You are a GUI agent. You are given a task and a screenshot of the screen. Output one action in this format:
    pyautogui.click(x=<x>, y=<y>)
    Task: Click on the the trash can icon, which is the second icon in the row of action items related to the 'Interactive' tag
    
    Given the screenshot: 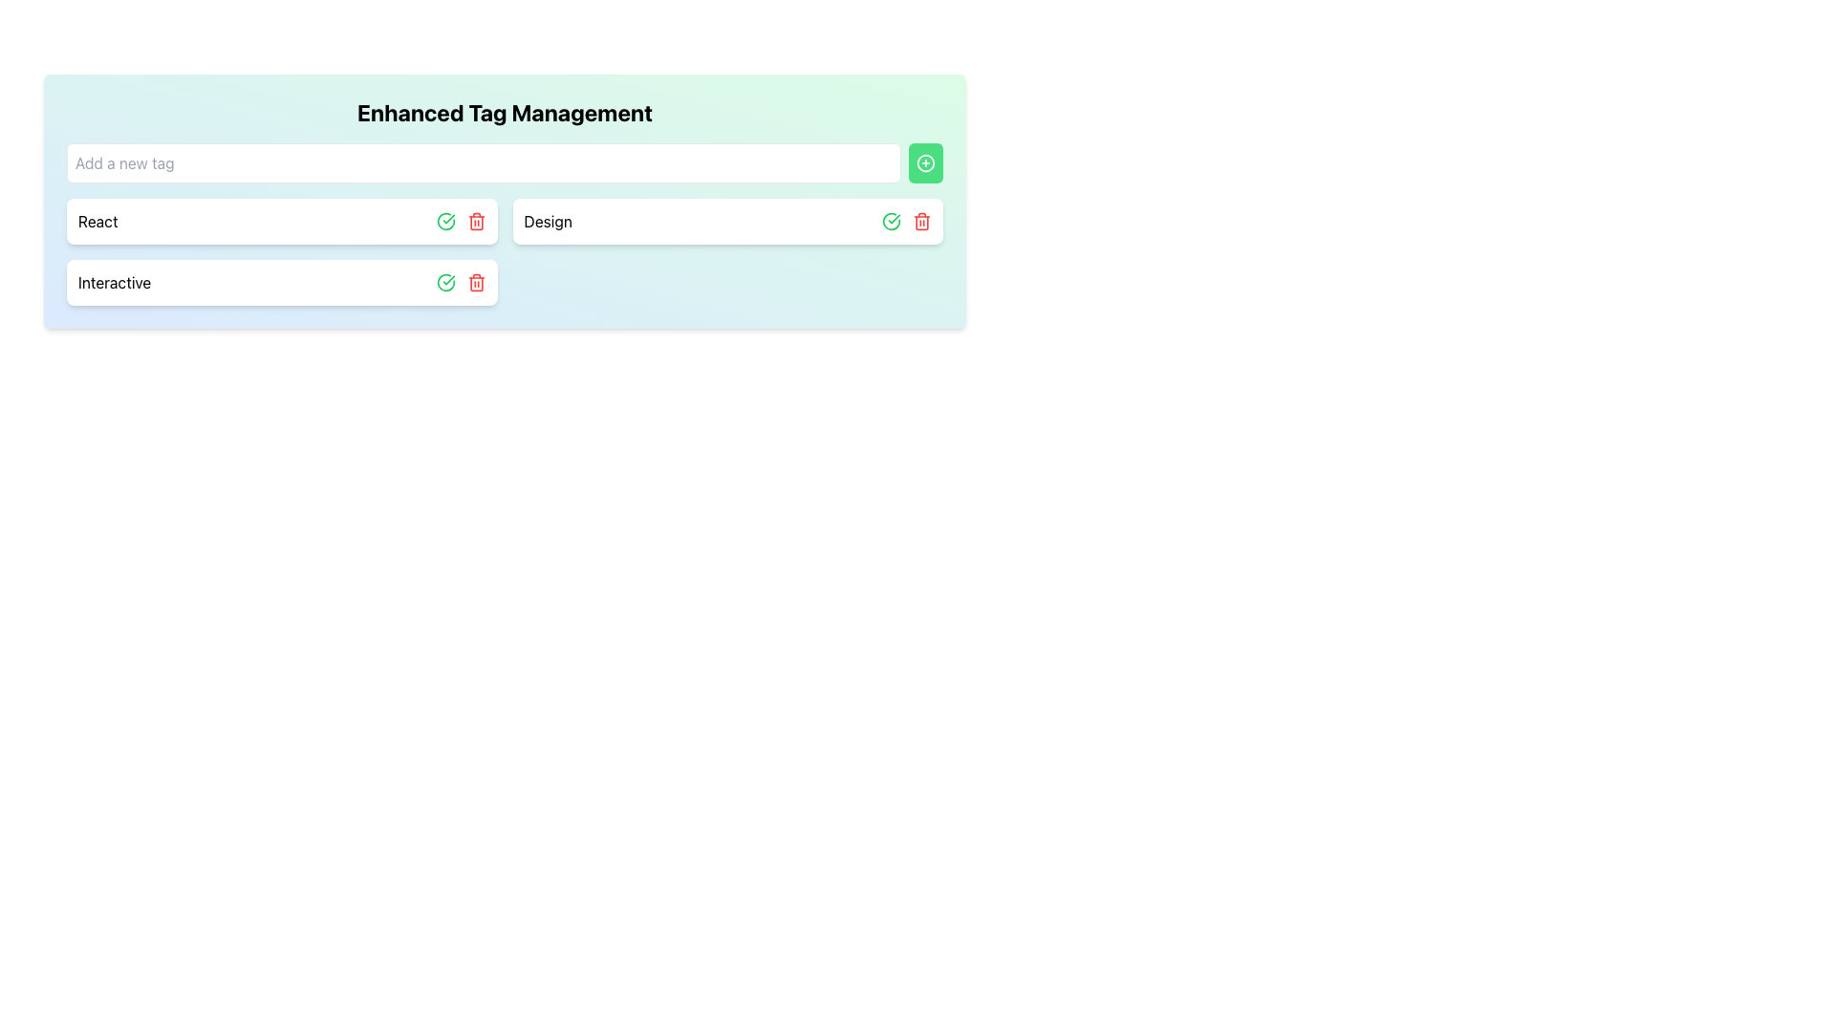 What is the action you would take?
    pyautogui.click(x=476, y=220)
    